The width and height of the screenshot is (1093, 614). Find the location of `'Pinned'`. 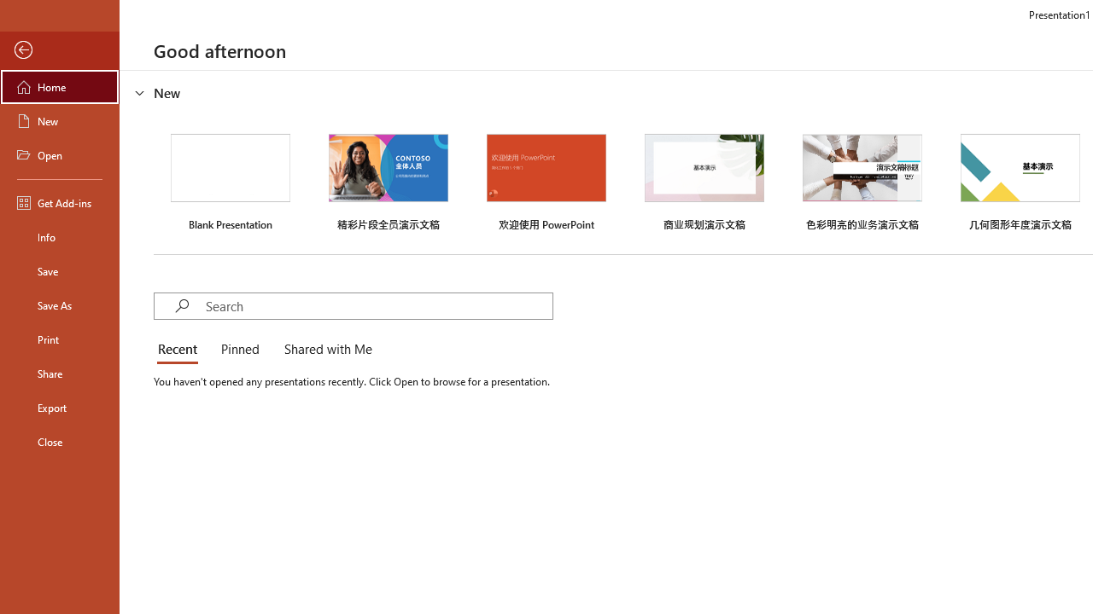

'Pinned' is located at coordinates (238, 350).